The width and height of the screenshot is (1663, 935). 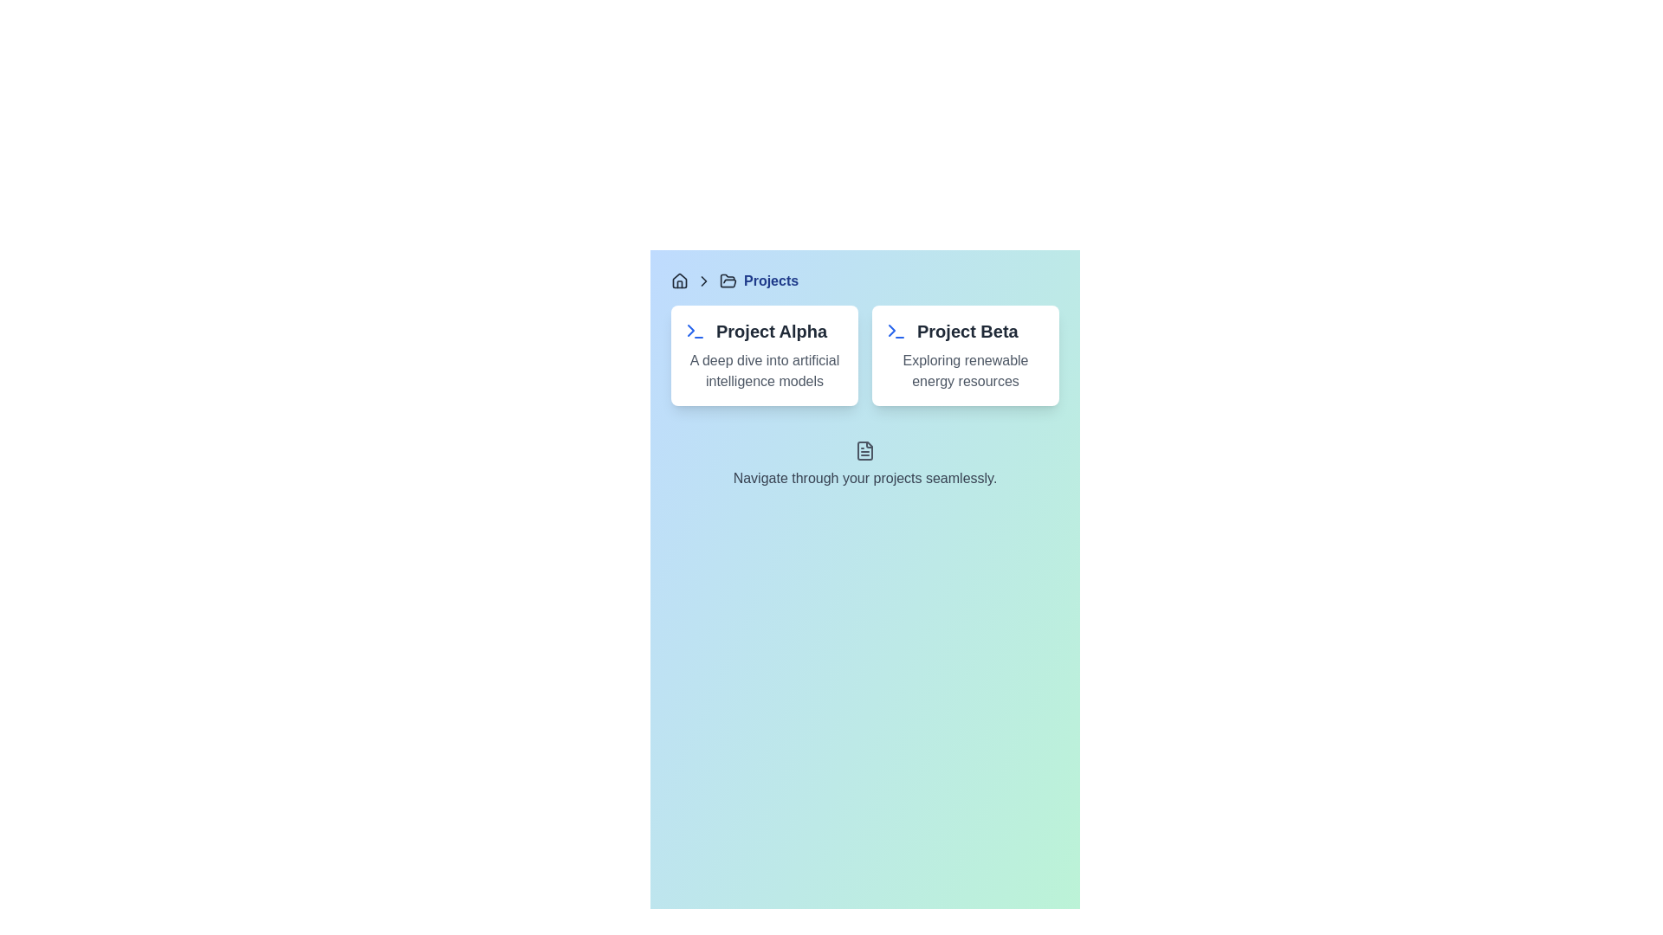 What do you see at coordinates (703, 280) in the screenshot?
I see `the design of the second icon in the breadcrumb navigation bar, which serves as a separator between the house icon and the folder icon` at bounding box center [703, 280].